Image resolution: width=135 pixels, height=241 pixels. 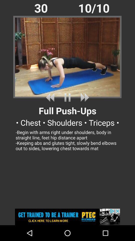 What do you see at coordinates (51, 97) in the screenshot?
I see `backward` at bounding box center [51, 97].